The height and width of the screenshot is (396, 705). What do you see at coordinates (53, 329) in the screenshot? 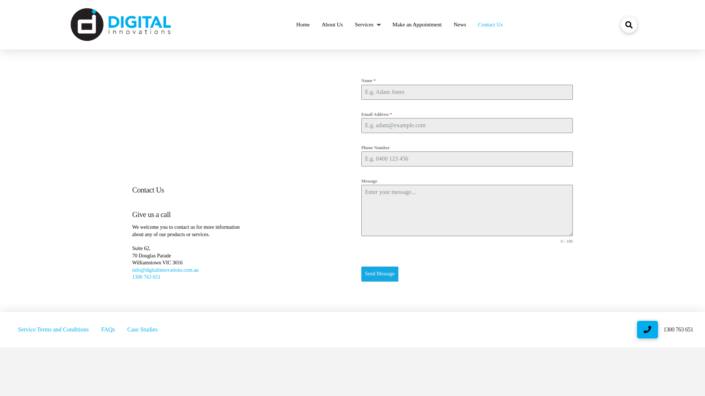
I see `'Service Terms and Conditions'` at bounding box center [53, 329].